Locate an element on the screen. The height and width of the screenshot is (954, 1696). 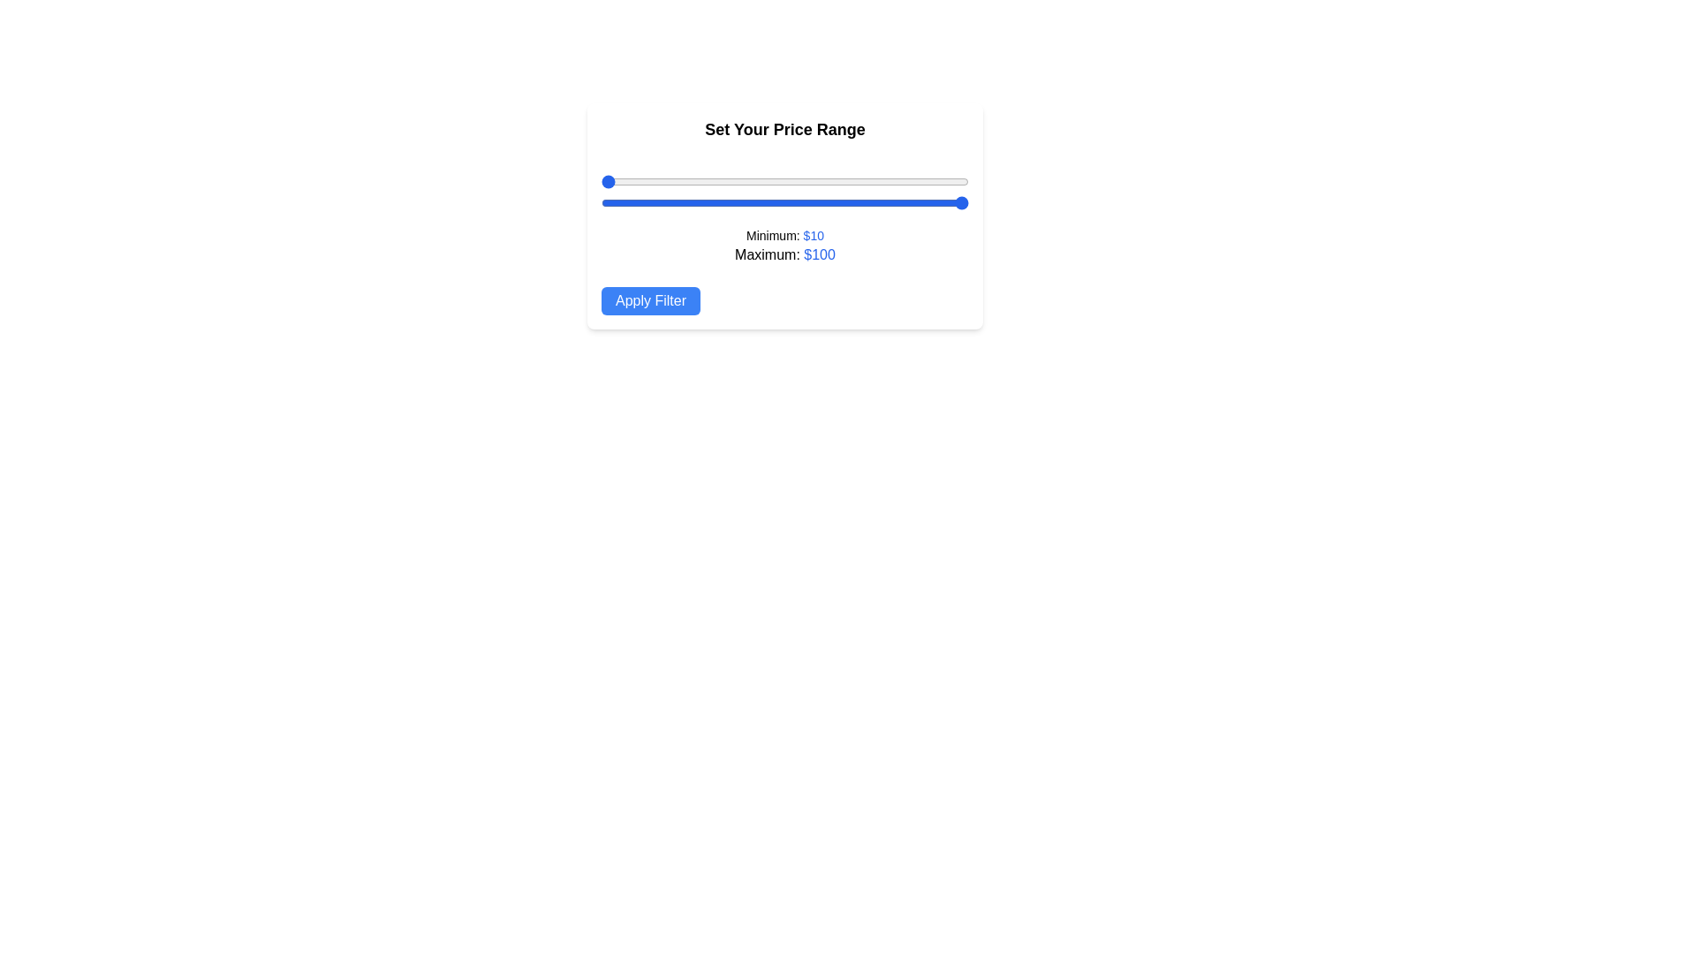
the static text displaying the maximum value of the price range, located below the 'Minimum: $10' text and above the price range sliders is located at coordinates (784, 255).